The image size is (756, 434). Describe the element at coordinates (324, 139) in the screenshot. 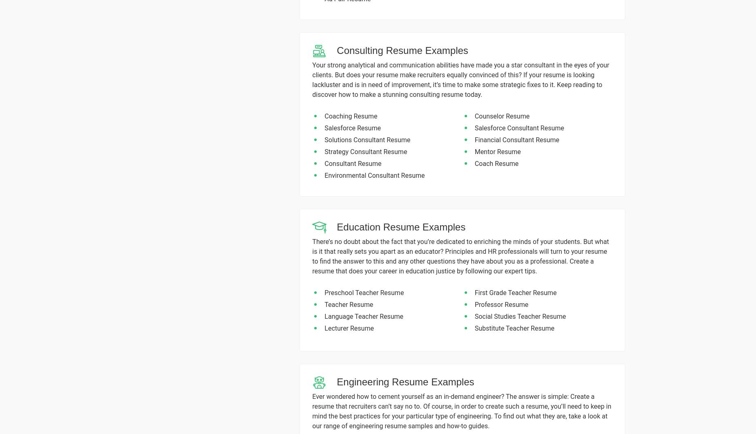

I see `'Solutions Consultant Resume'` at that location.